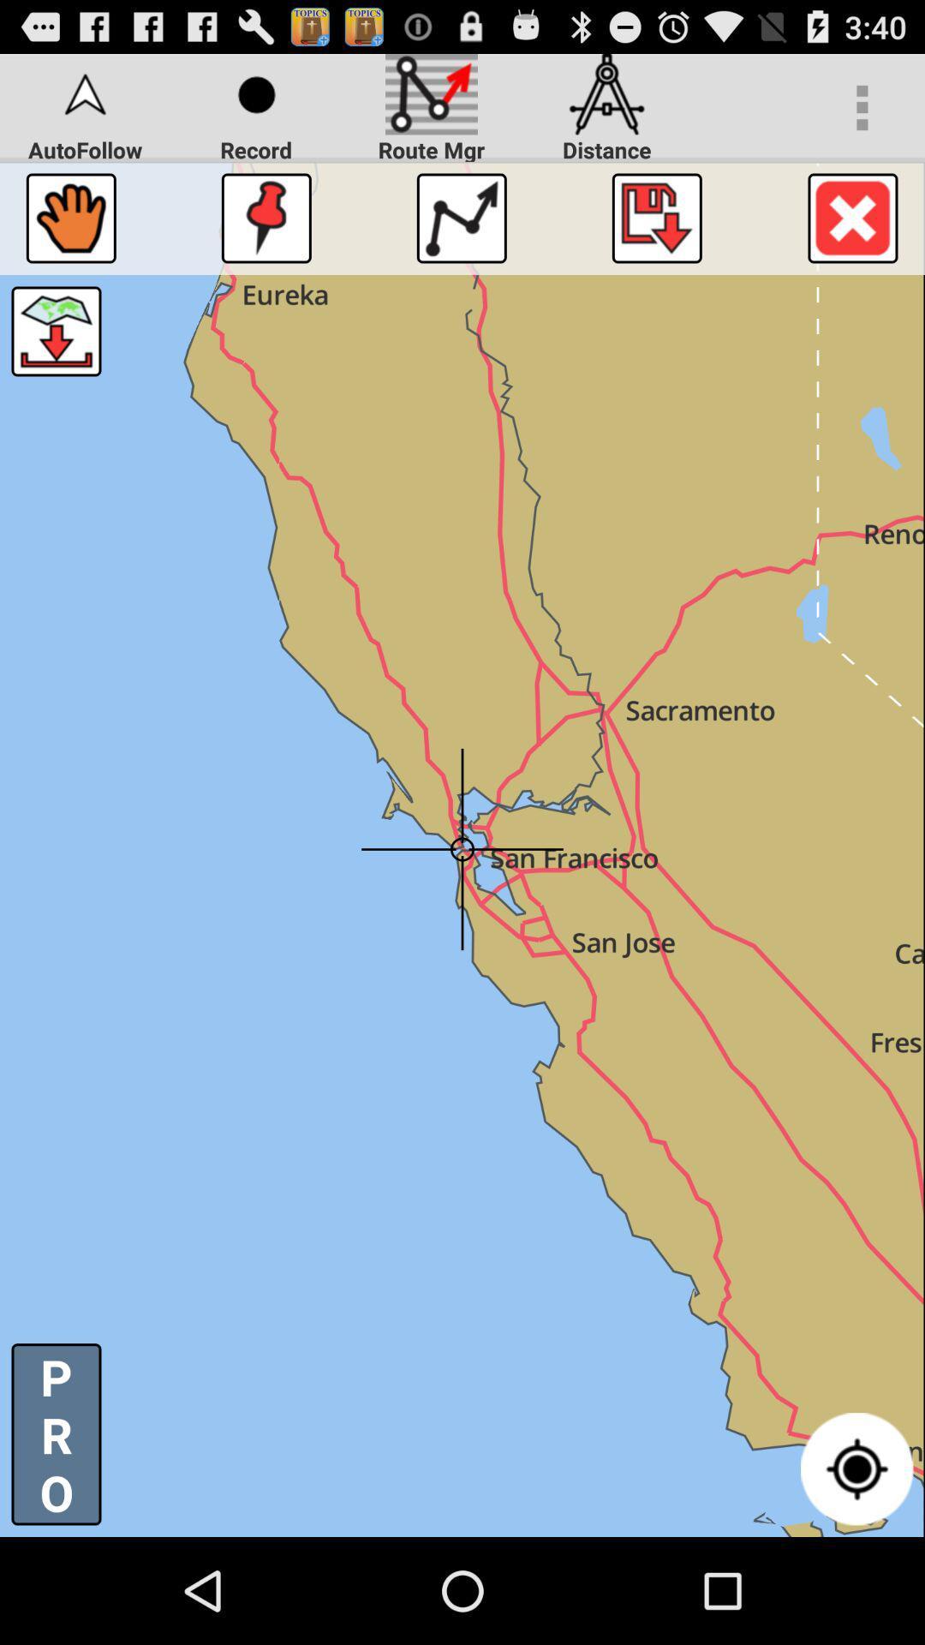 This screenshot has width=925, height=1645. What do you see at coordinates (55, 1434) in the screenshot?
I see `p` at bounding box center [55, 1434].